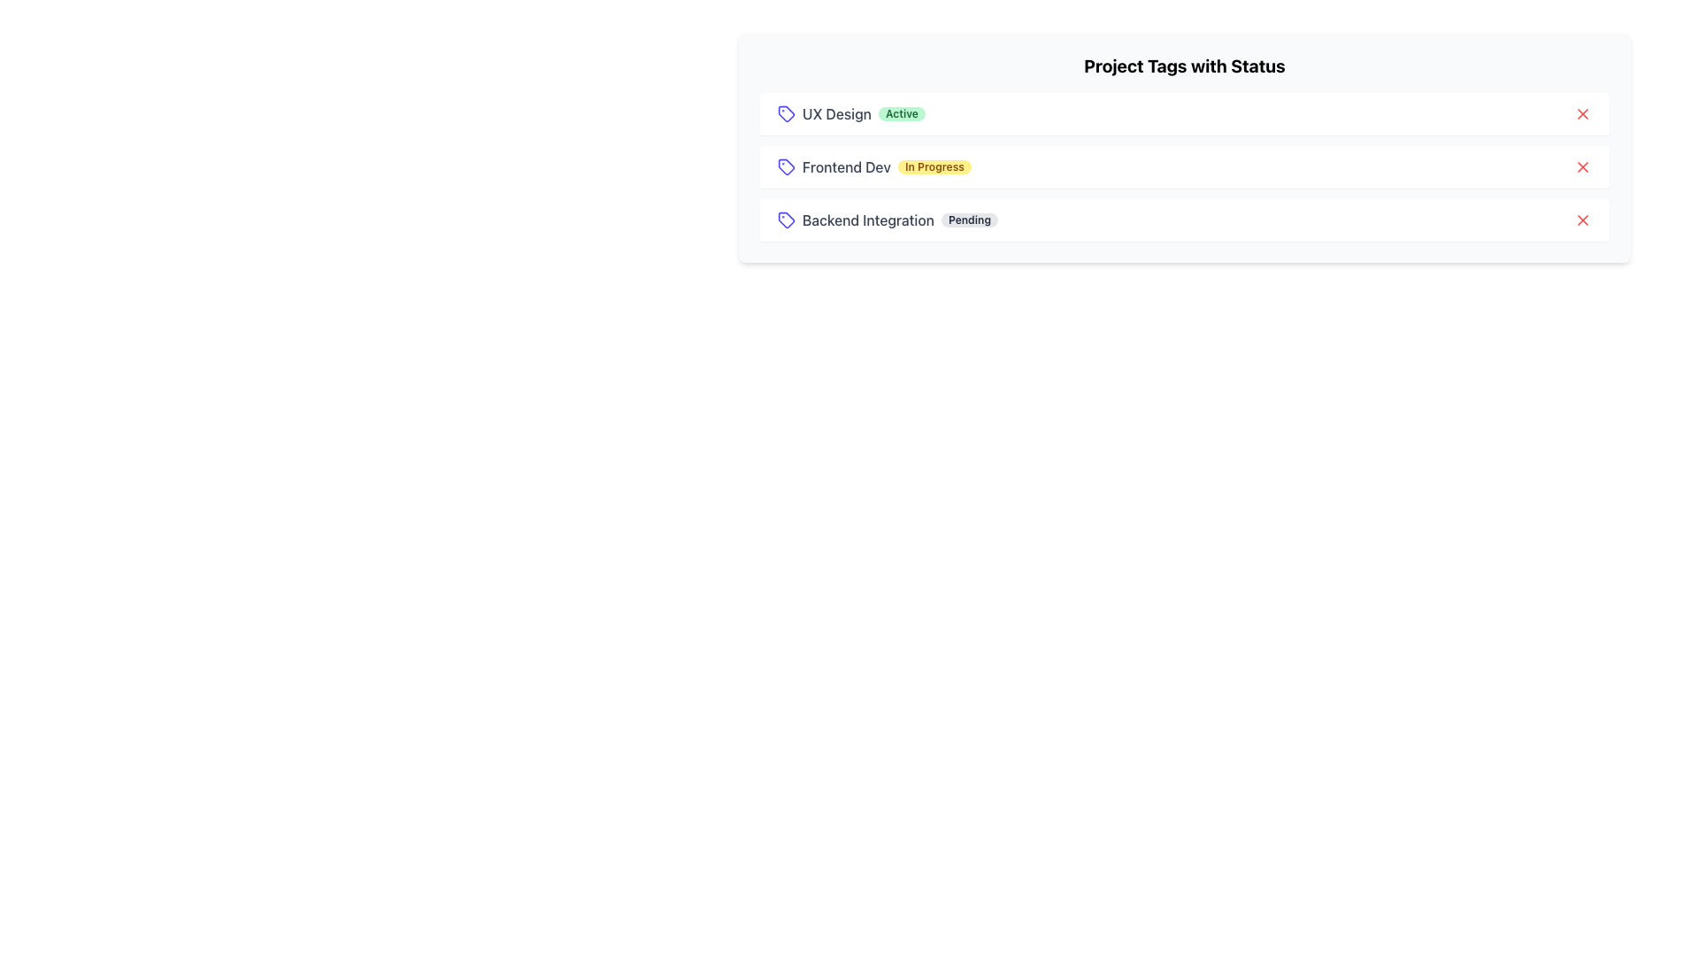  I want to click on the 'Remove' button located at the far right end of the 'UX Design' row under 'Project Tags with Status', so click(1583, 113).